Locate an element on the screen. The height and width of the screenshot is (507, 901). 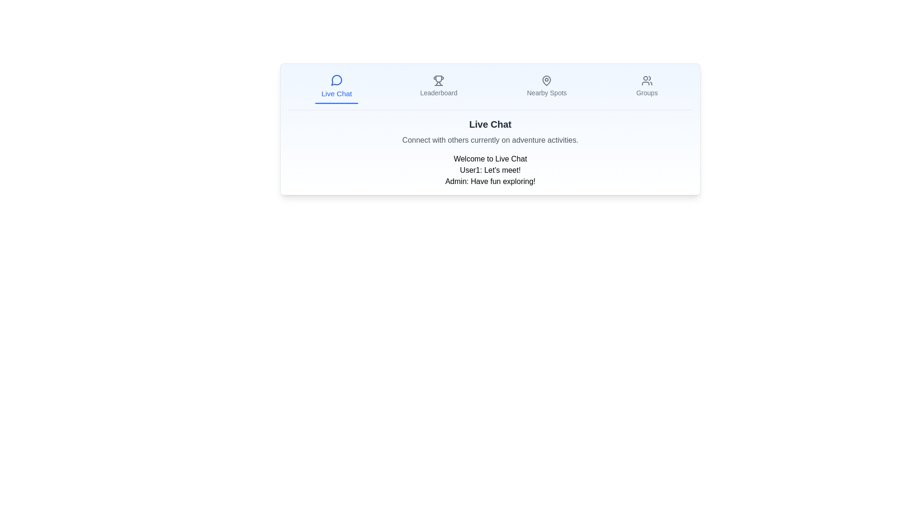
the circular icon resembling a speech bubble located in the navigation bar at the top of the interface, which is the first icon from the left above the 'Live Chat' label is located at coordinates (336, 80).